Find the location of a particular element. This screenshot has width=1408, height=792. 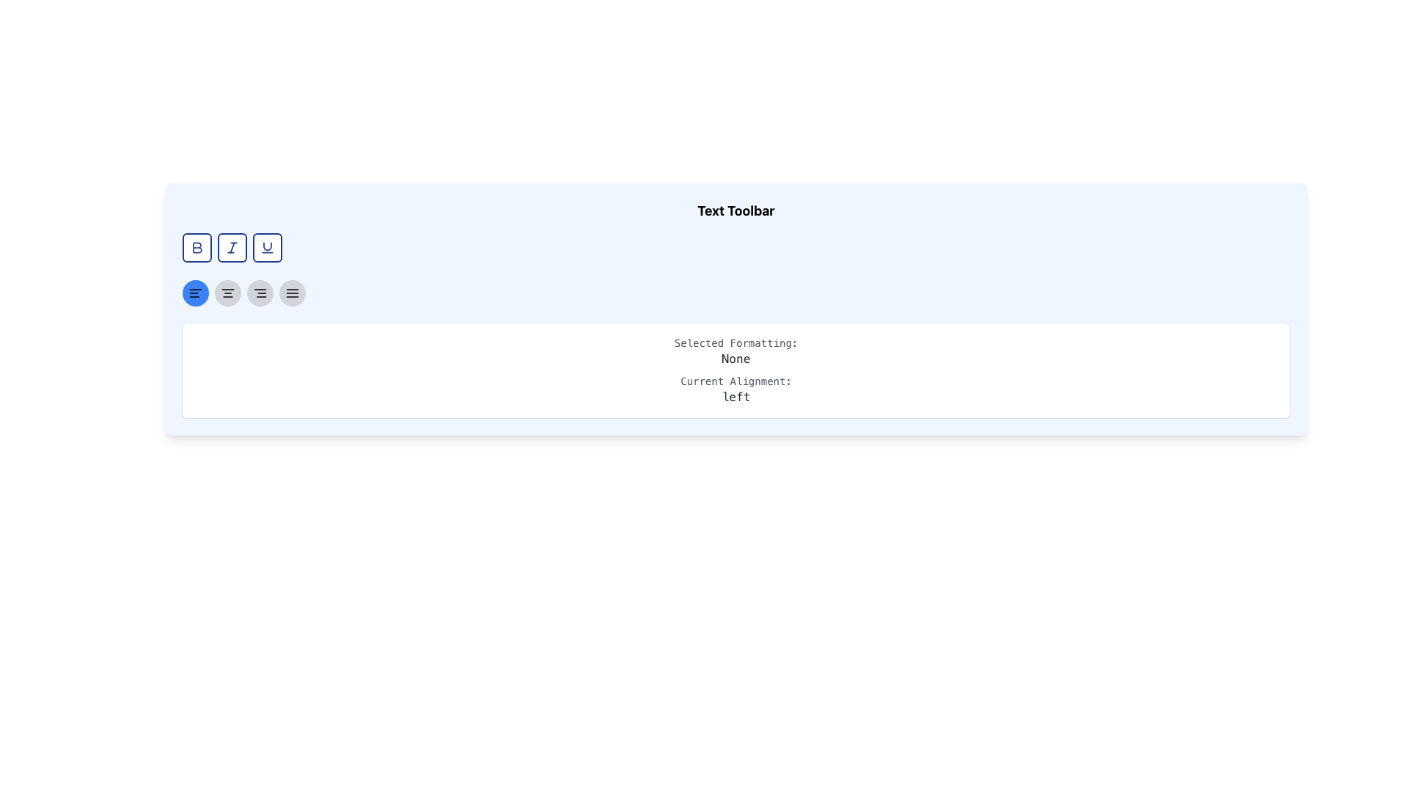

the bold icon button in the toolbar is located at coordinates (196, 247).